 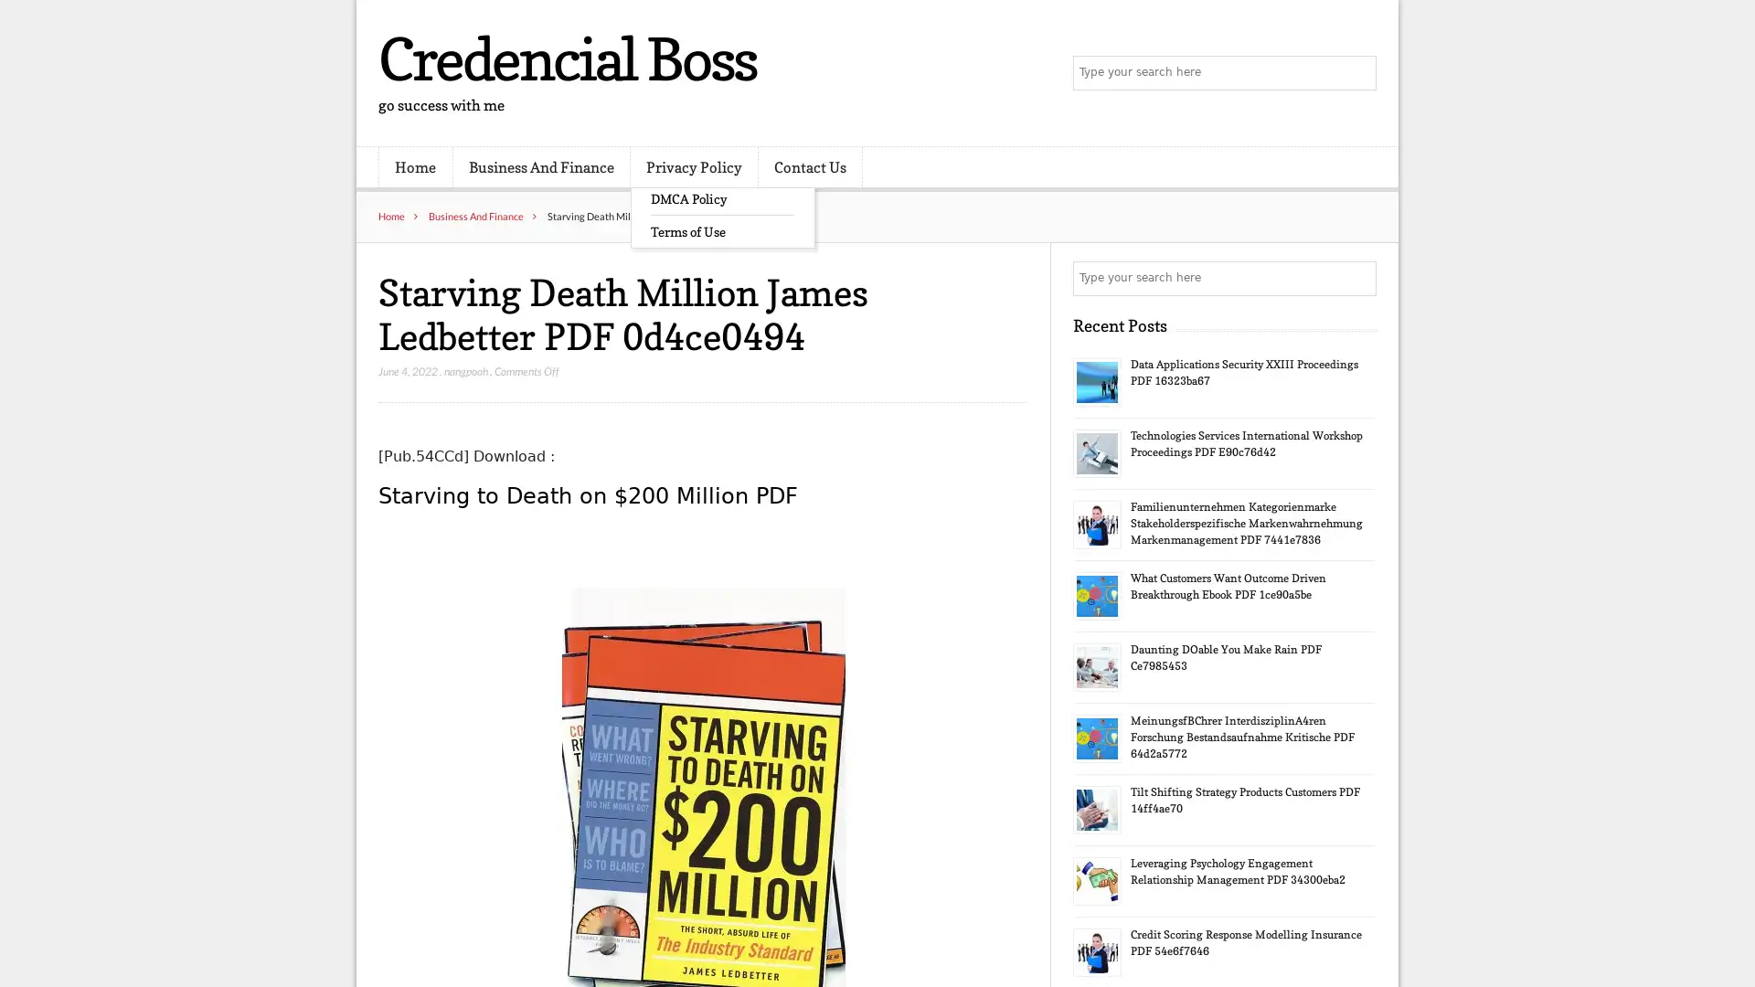 I want to click on Search, so click(x=1357, y=278).